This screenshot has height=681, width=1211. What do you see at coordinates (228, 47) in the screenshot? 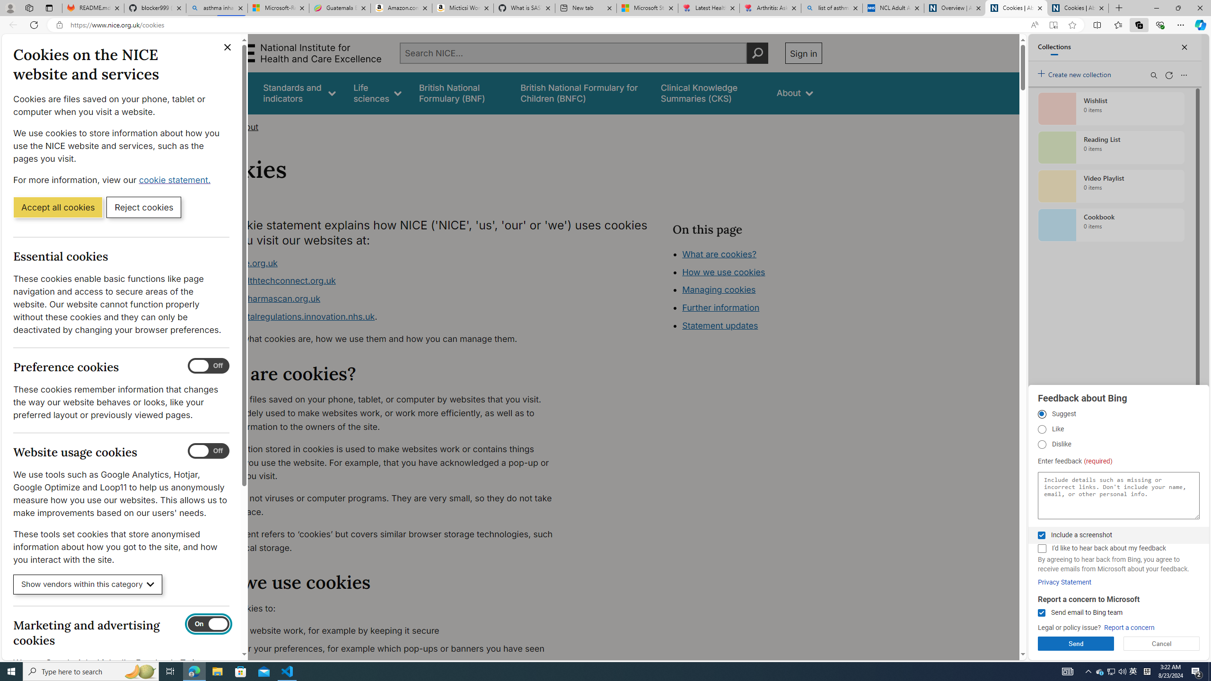
I see `'Close cookie banner'` at bounding box center [228, 47].